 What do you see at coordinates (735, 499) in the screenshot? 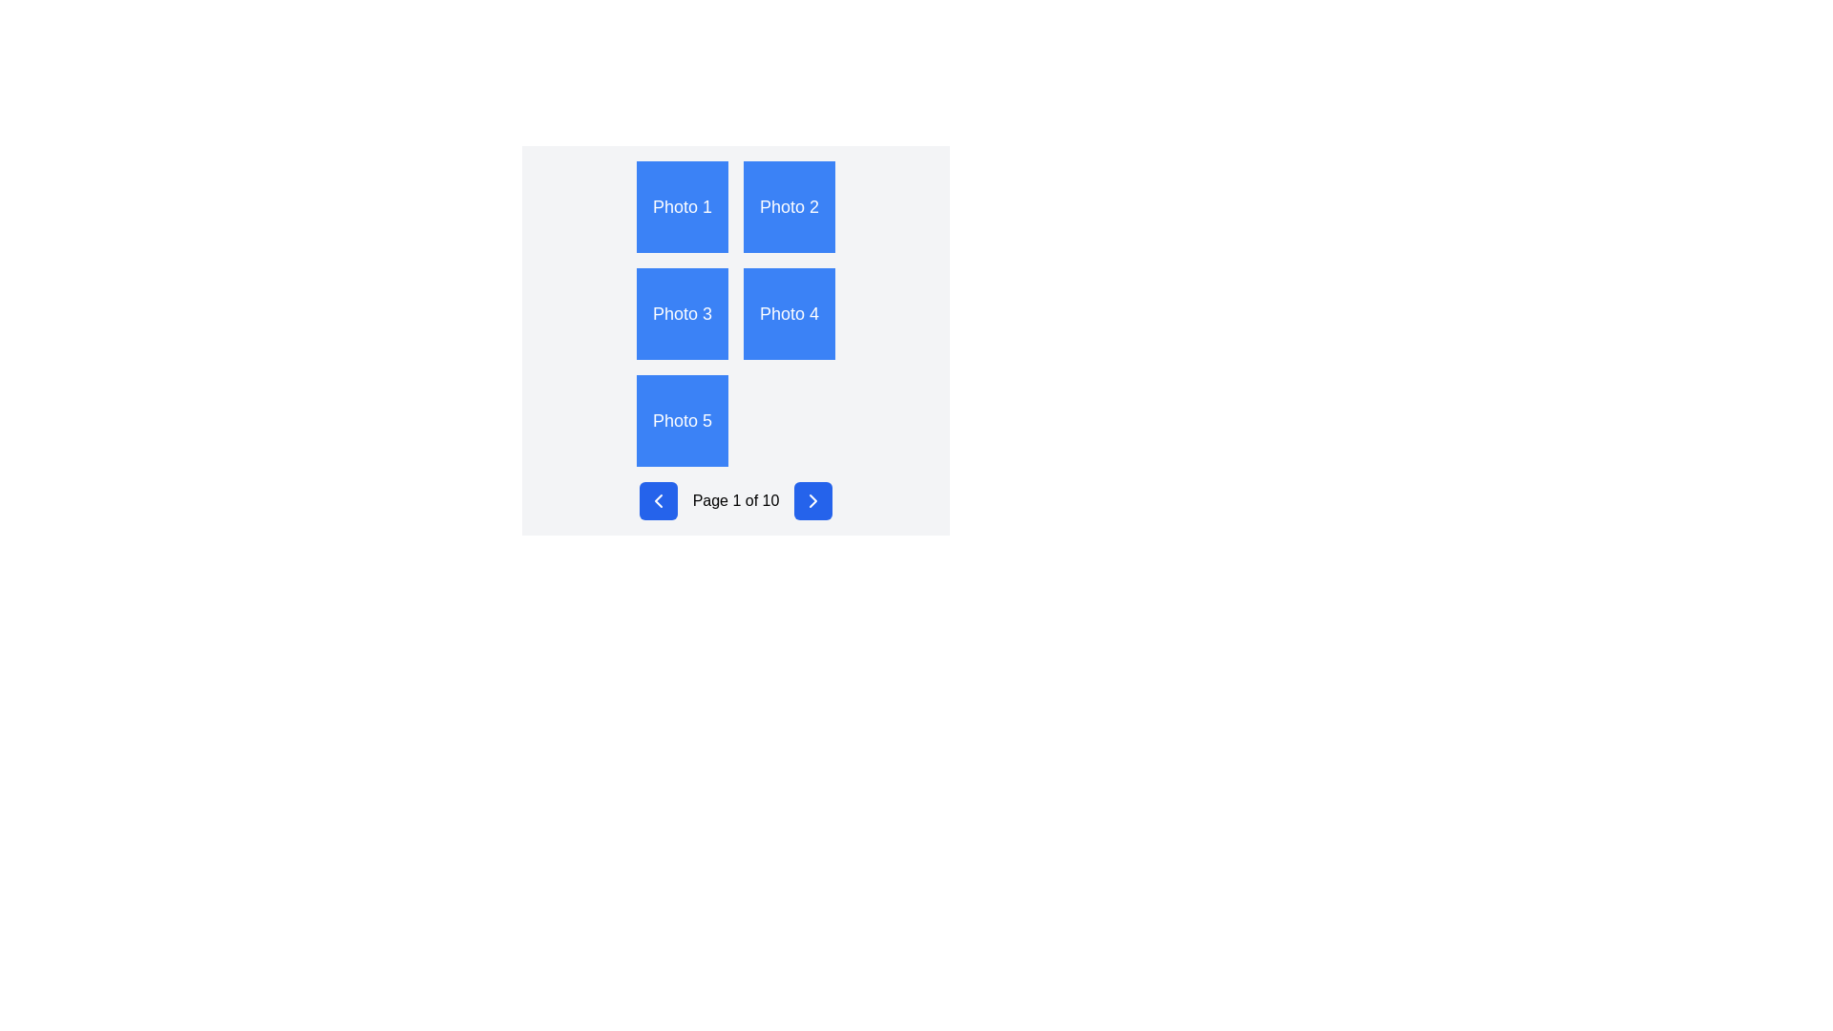
I see `the Label element displaying 'Page 1 of 10', located at the bottom center of the interface, flanked by navigational buttons` at bounding box center [735, 499].